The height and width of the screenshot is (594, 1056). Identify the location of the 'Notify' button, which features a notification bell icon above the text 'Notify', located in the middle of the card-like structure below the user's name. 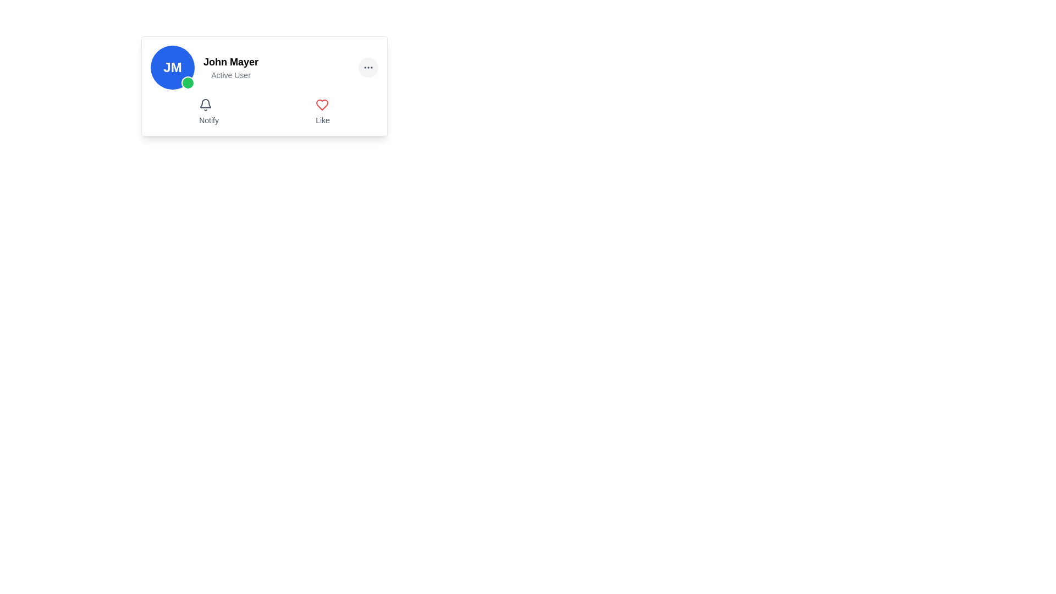
(208, 112).